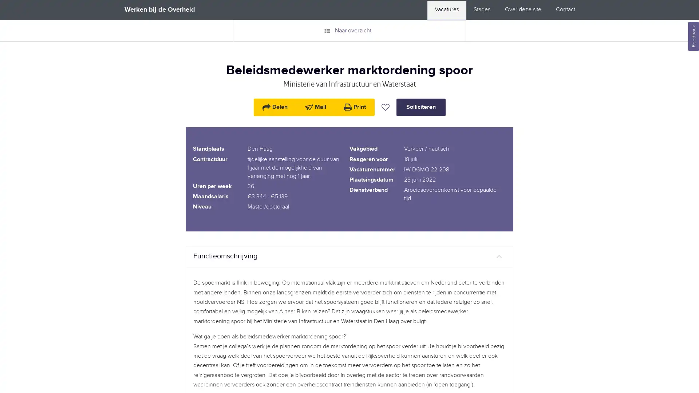 Image resolution: width=699 pixels, height=393 pixels. What do you see at coordinates (384, 107) in the screenshot?
I see `Vacature bewaren` at bounding box center [384, 107].